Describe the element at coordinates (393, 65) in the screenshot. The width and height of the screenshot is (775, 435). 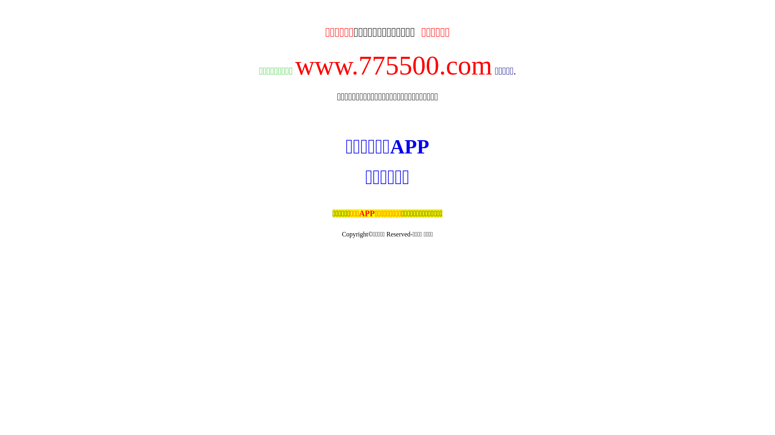
I see `'www.775500.com'` at that location.